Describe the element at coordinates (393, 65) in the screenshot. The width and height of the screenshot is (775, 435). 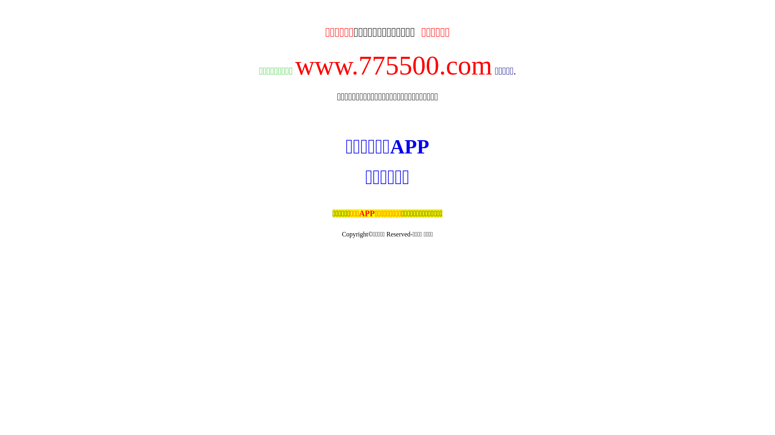
I see `'www.775500.com'` at that location.